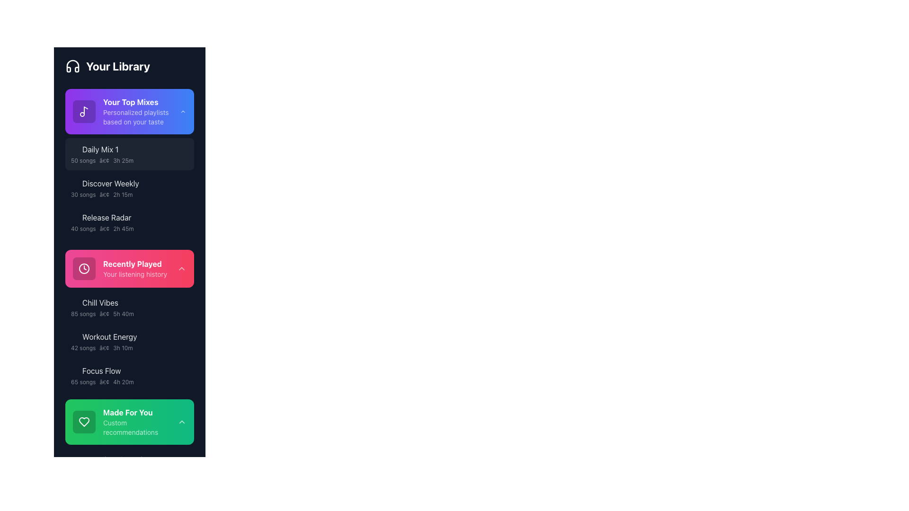 This screenshot has width=909, height=511. Describe the element at coordinates (65, 154) in the screenshot. I see `the decorative visual indicator located at the extreme left of the 'Daily Mix 1' card in the sidebar, which emphasizes the active state of the playlist` at that location.